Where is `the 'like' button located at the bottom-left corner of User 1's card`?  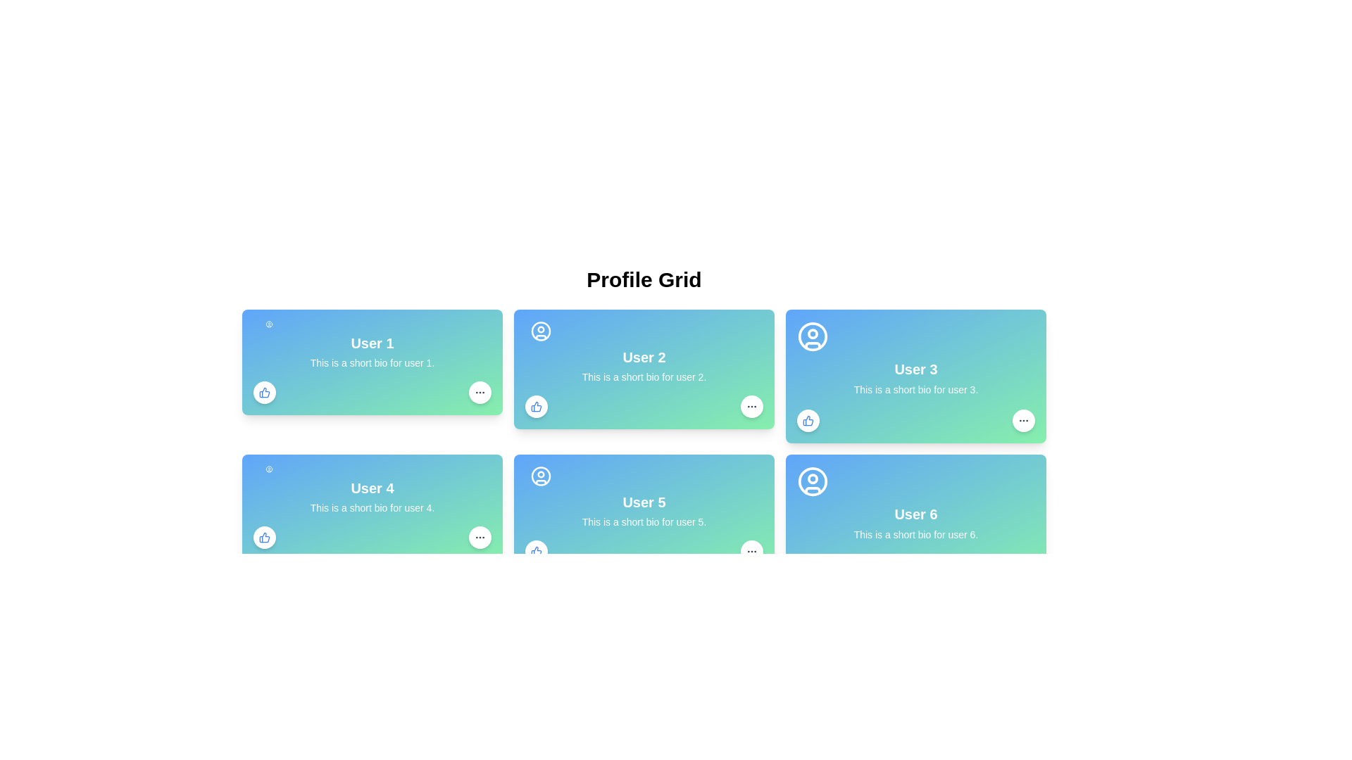 the 'like' button located at the bottom-left corner of User 1's card is located at coordinates (264, 393).